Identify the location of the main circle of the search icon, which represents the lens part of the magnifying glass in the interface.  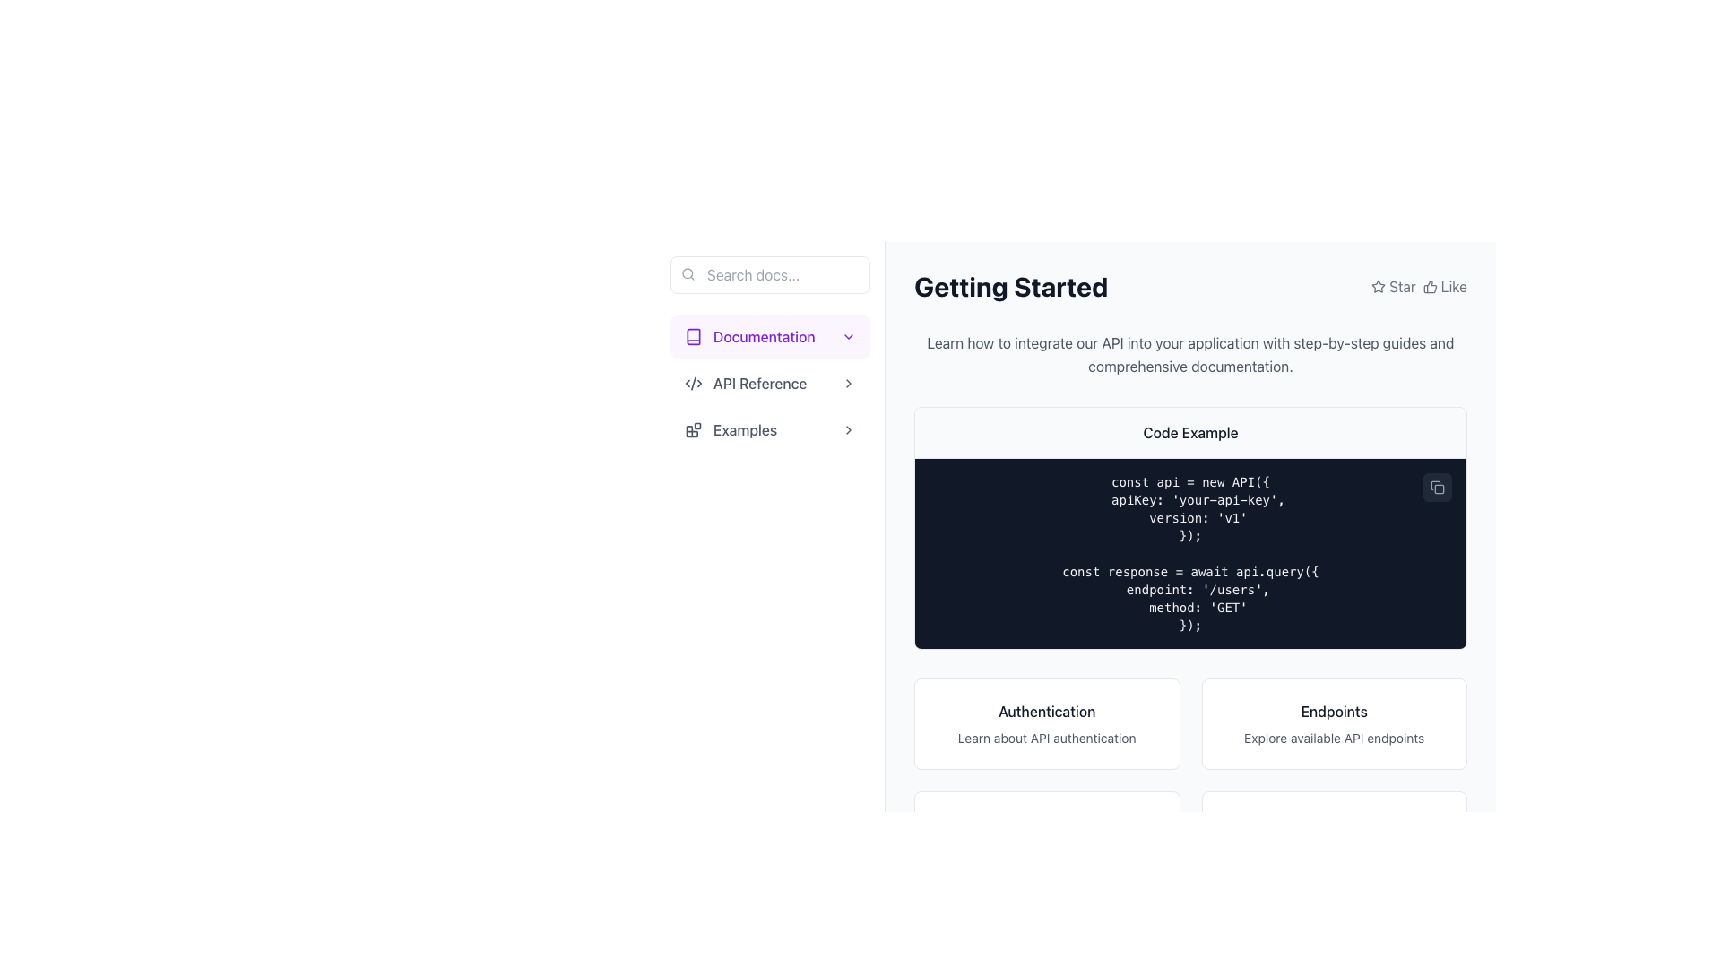
(687, 273).